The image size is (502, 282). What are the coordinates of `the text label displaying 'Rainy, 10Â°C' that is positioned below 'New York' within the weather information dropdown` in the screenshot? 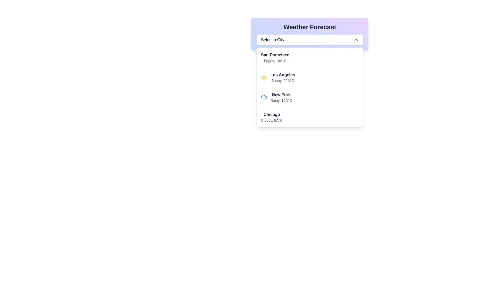 It's located at (281, 101).